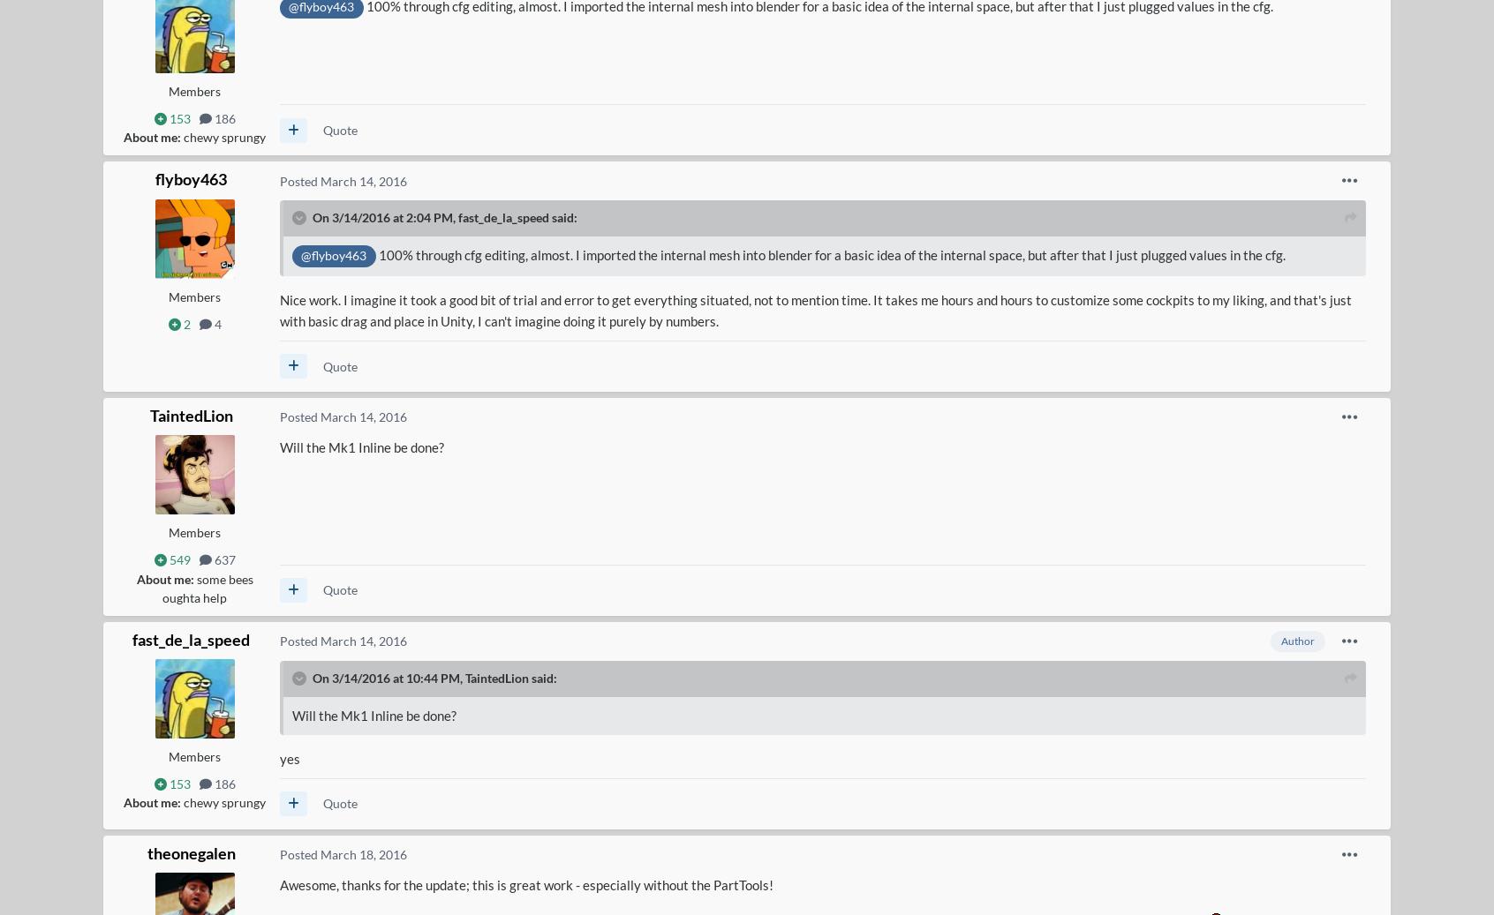 This screenshot has height=915, width=1494. Describe the element at coordinates (154, 178) in the screenshot. I see `'flyboy463'` at that location.